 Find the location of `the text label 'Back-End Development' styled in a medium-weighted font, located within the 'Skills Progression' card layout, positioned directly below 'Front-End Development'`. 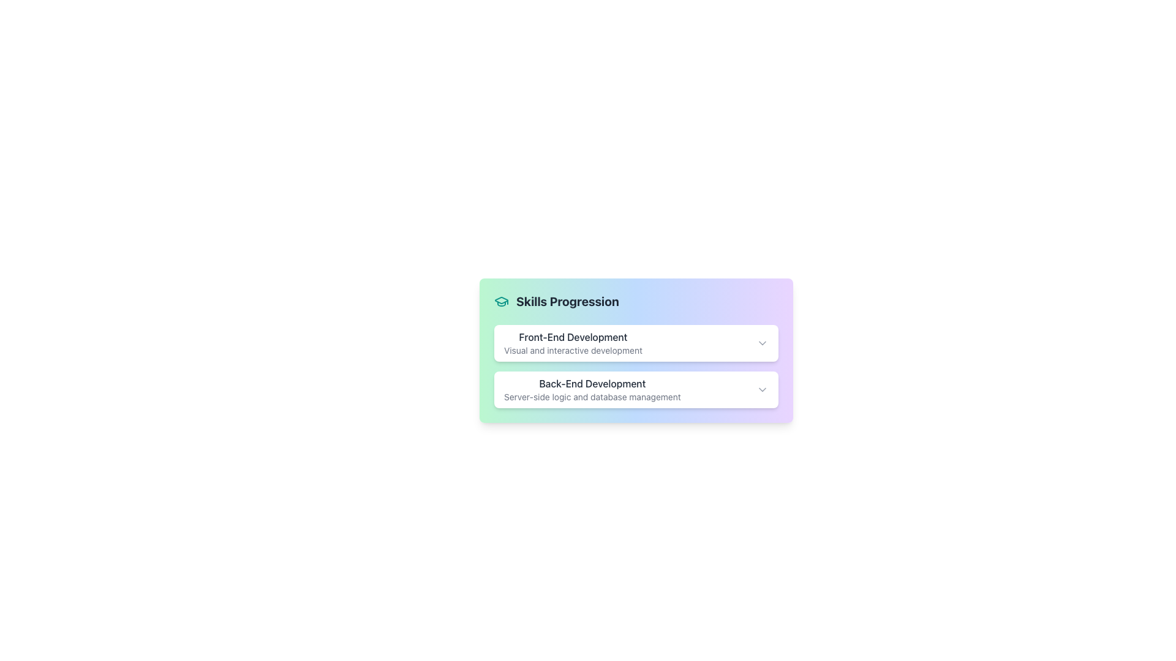

the text label 'Back-End Development' styled in a medium-weighted font, located within the 'Skills Progression' card layout, positioned directly below 'Front-End Development' is located at coordinates (592, 383).